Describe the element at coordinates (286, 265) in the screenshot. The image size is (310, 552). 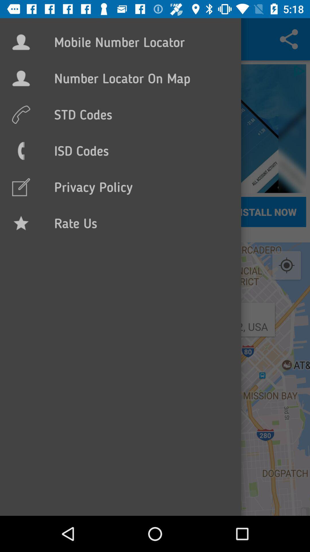
I see `the location_crosshair icon` at that location.